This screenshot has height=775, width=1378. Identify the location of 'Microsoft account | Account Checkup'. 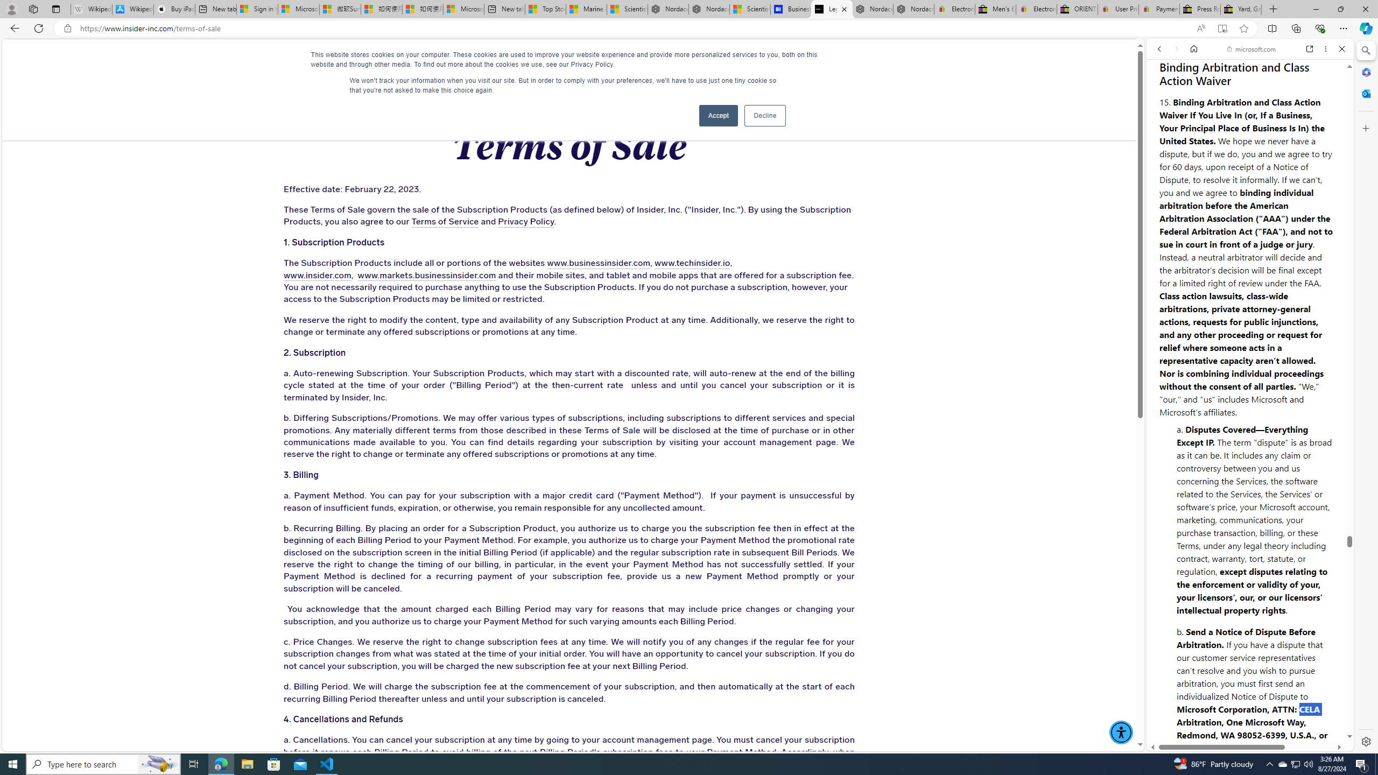
(463, 9).